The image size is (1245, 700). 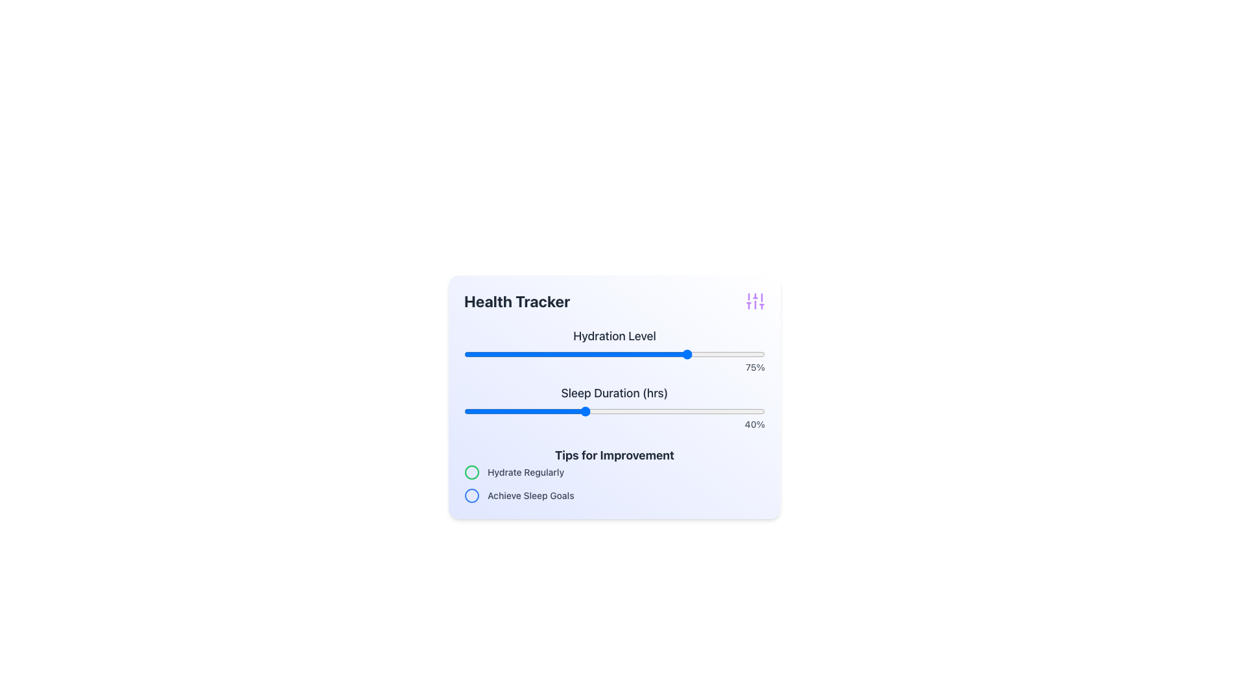 I want to click on the circular icon with a blue border representing a status indicator, located next to the text 'Achieve Sleep Goals' in the 'Health Tracker' interface, so click(x=471, y=495).